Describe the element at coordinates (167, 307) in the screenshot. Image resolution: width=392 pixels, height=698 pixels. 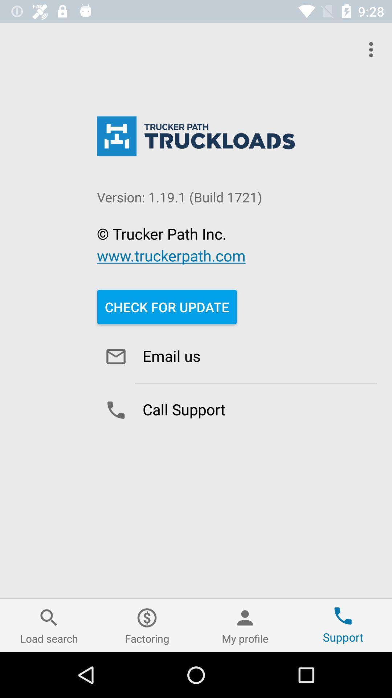
I see `blue colour text which says check for update` at that location.